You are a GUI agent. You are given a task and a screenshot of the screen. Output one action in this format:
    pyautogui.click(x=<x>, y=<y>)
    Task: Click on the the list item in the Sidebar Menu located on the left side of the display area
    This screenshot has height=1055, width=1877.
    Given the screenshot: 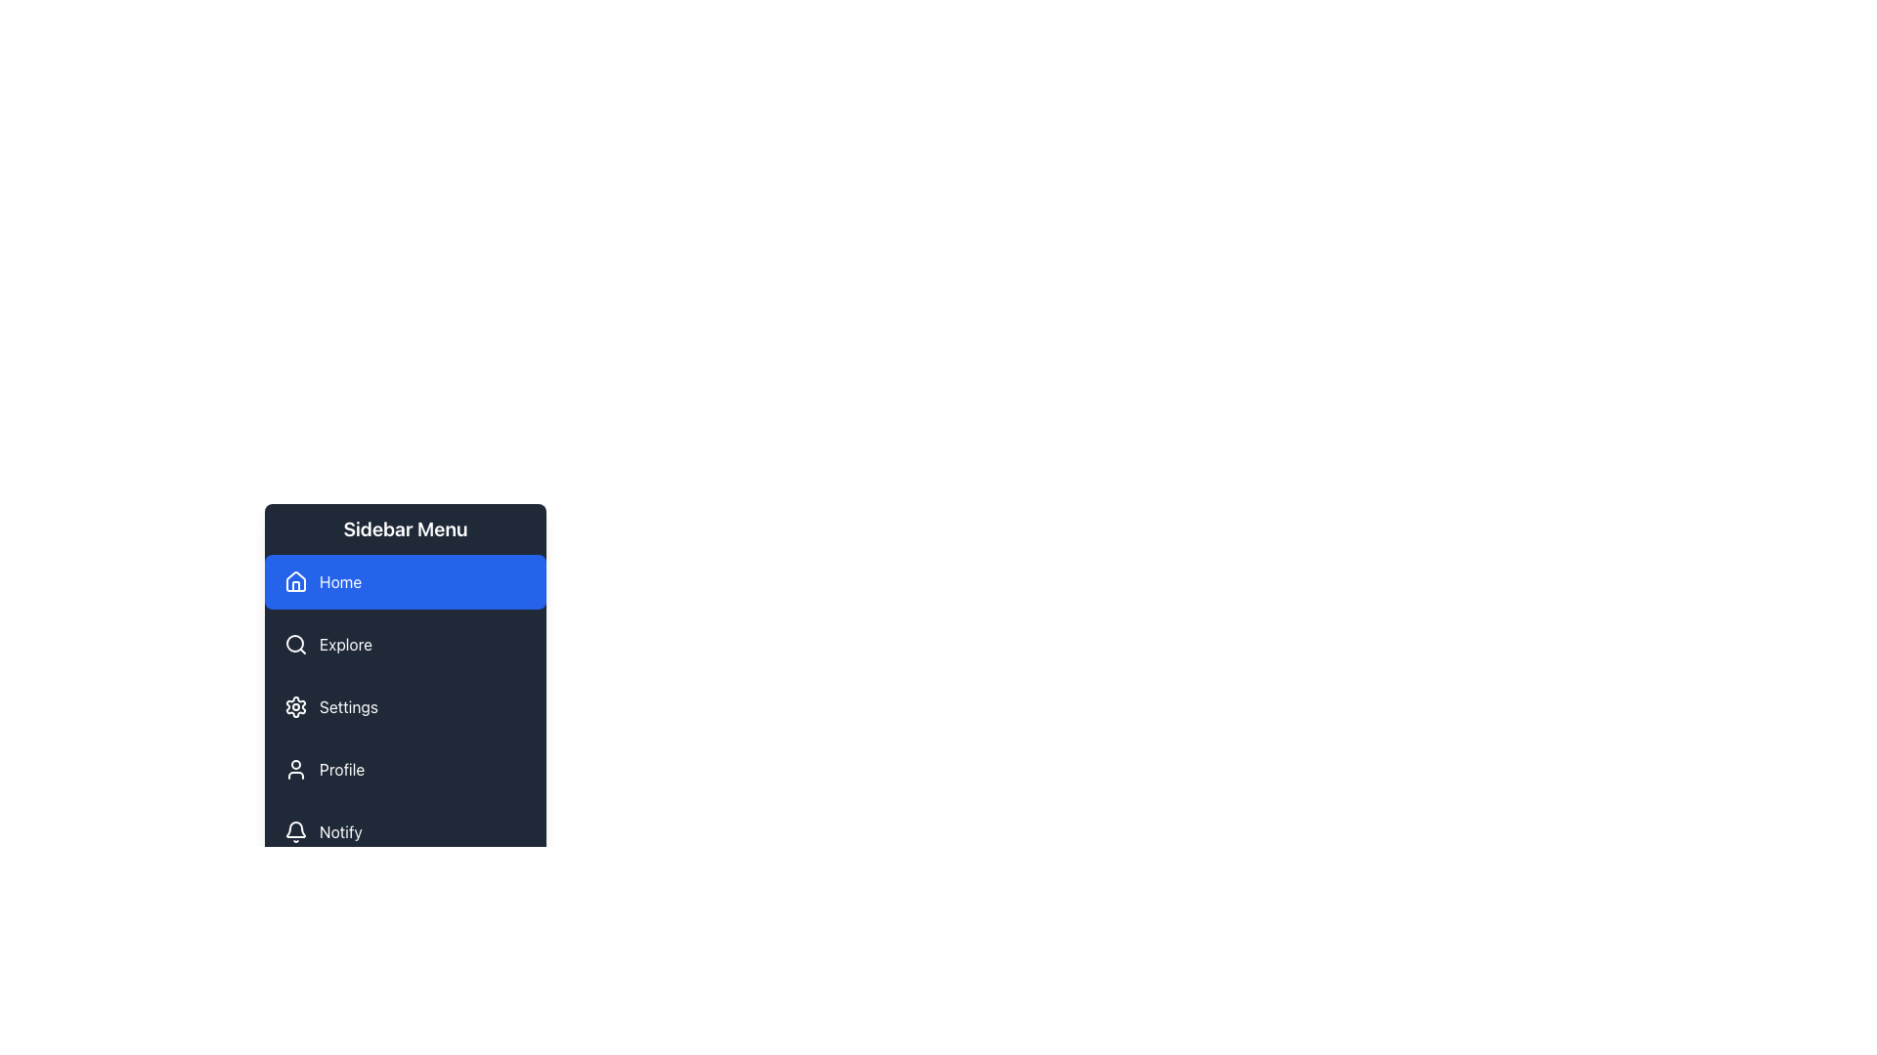 What is the action you would take?
    pyautogui.click(x=404, y=719)
    